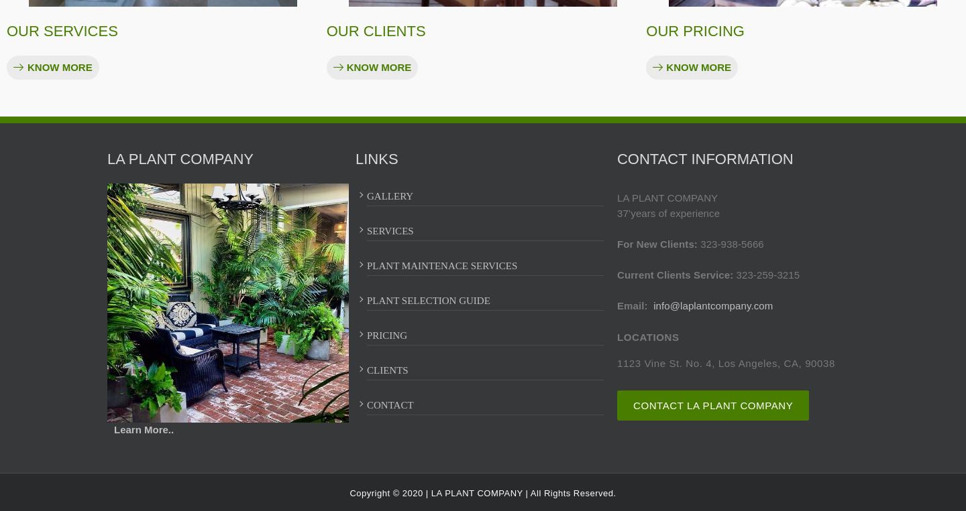 This screenshot has width=966, height=511. I want to click on '1123 Vine St. No. 4, Los Angeles, CA, 90038', so click(724, 363).